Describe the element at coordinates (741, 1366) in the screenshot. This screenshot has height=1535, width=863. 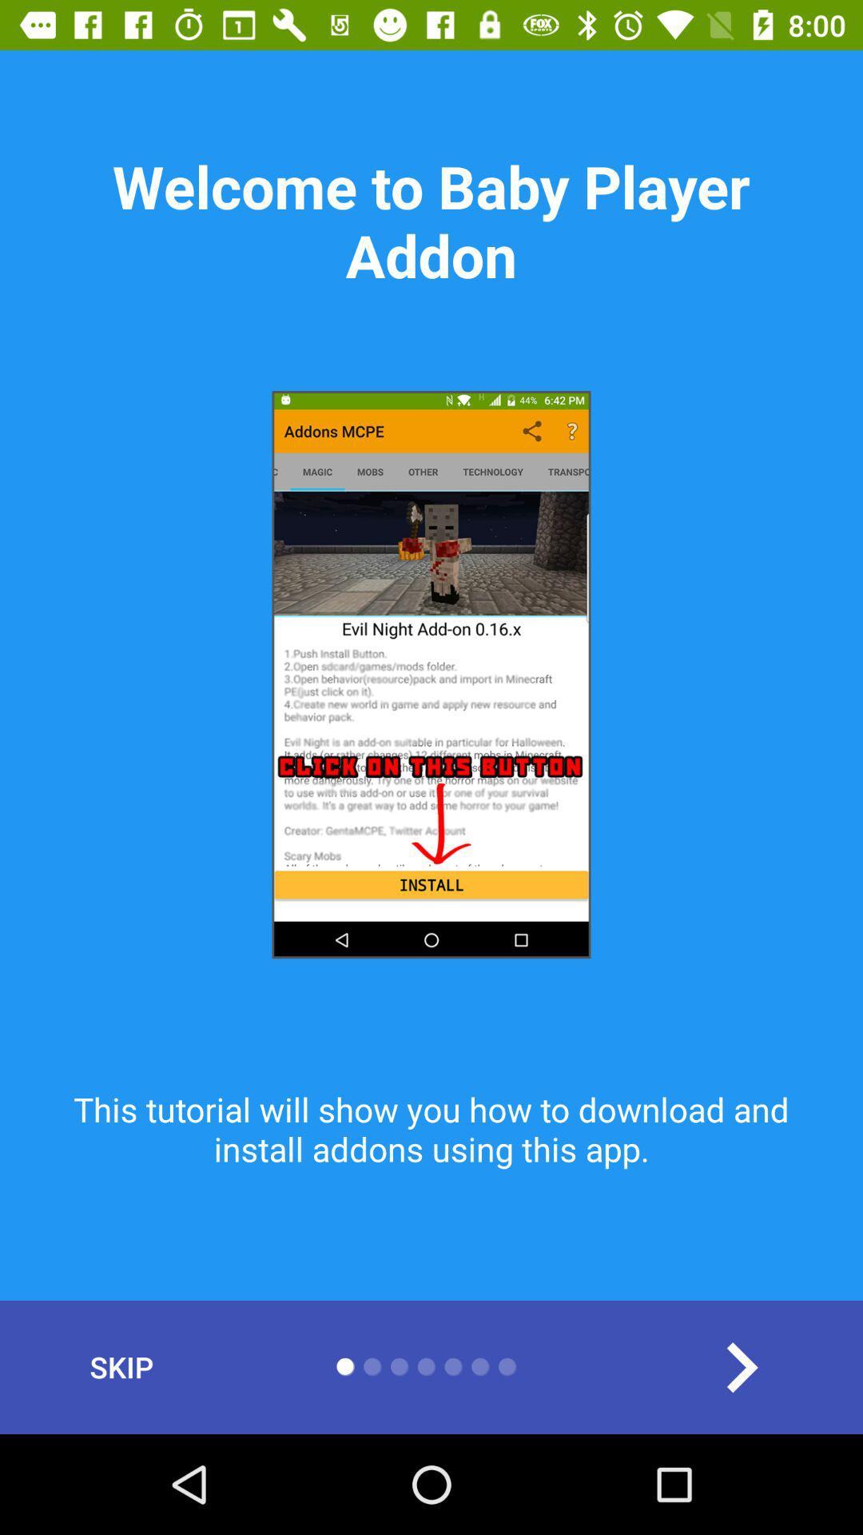
I see `the arrow_forward icon` at that location.